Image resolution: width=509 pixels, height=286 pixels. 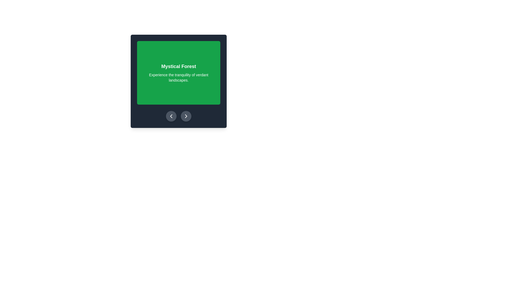 I want to click on the navigation control group consisting of two interactive buttons with chevron icons located at the bottom center of the card displaying 'Mystical Forest Experience the tranquility of verdant landscapes.', so click(x=178, y=116).